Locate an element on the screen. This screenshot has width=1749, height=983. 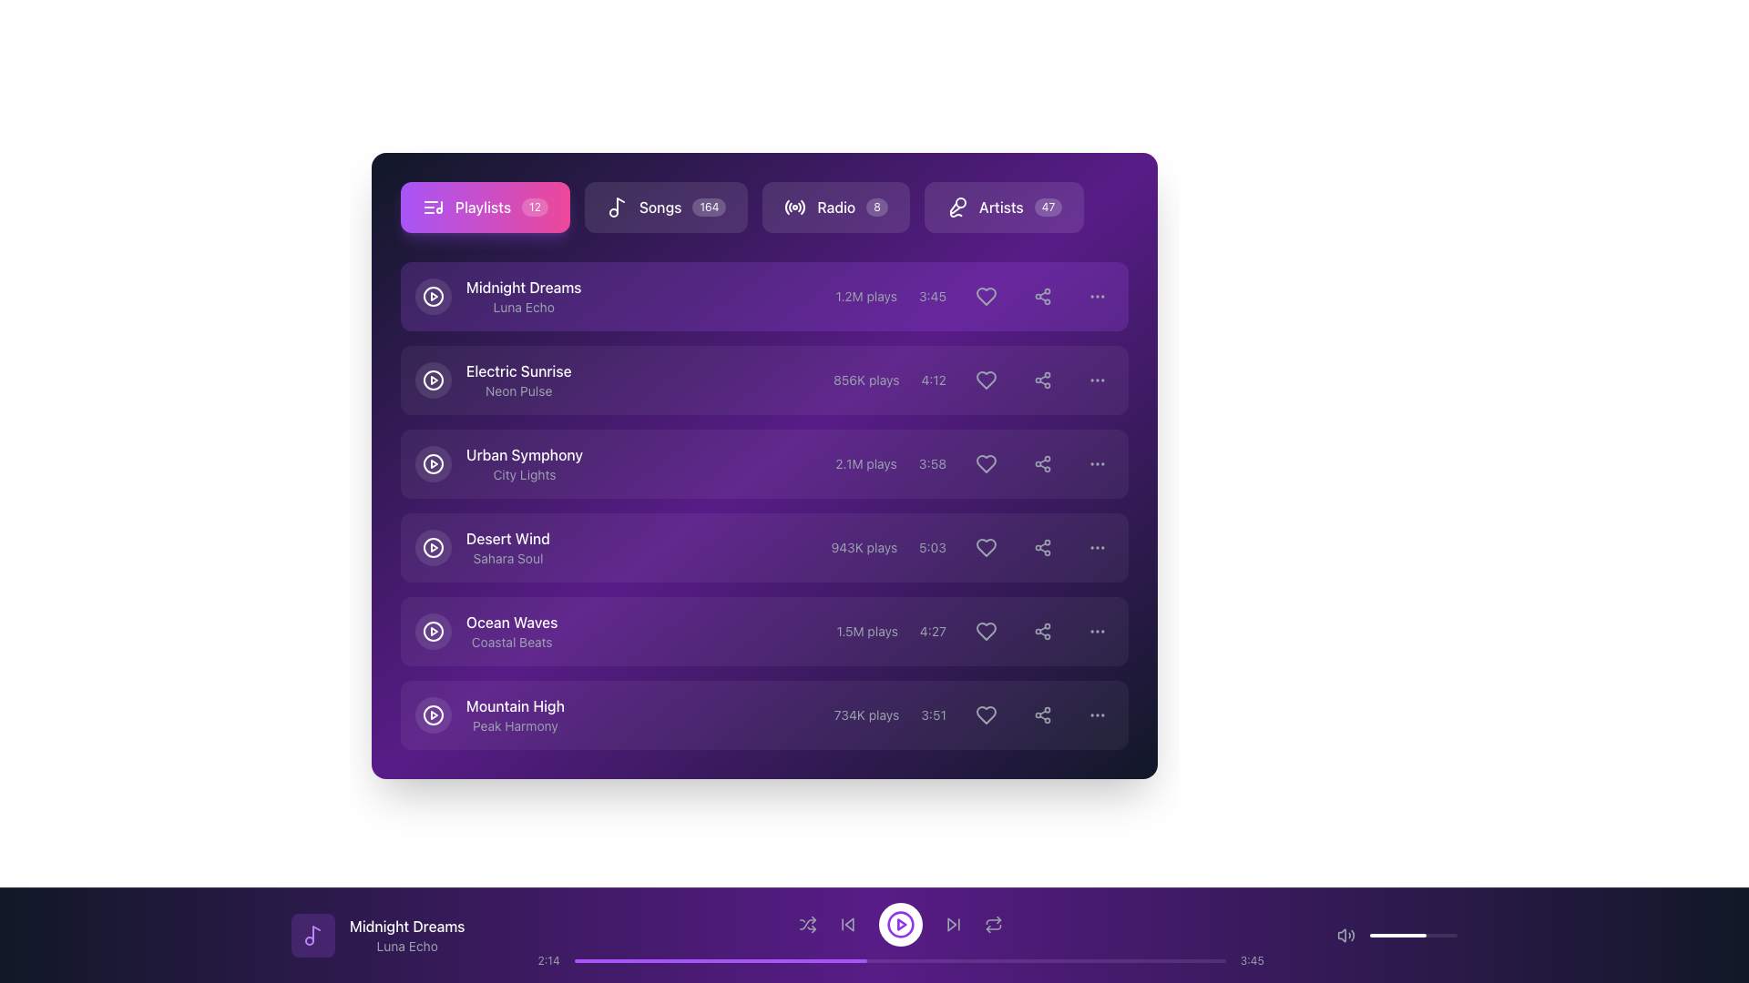
text of the label displaying 'Urban Symphony', which is the first line in a music playlist entry, set against a purple background is located at coordinates (524, 454).